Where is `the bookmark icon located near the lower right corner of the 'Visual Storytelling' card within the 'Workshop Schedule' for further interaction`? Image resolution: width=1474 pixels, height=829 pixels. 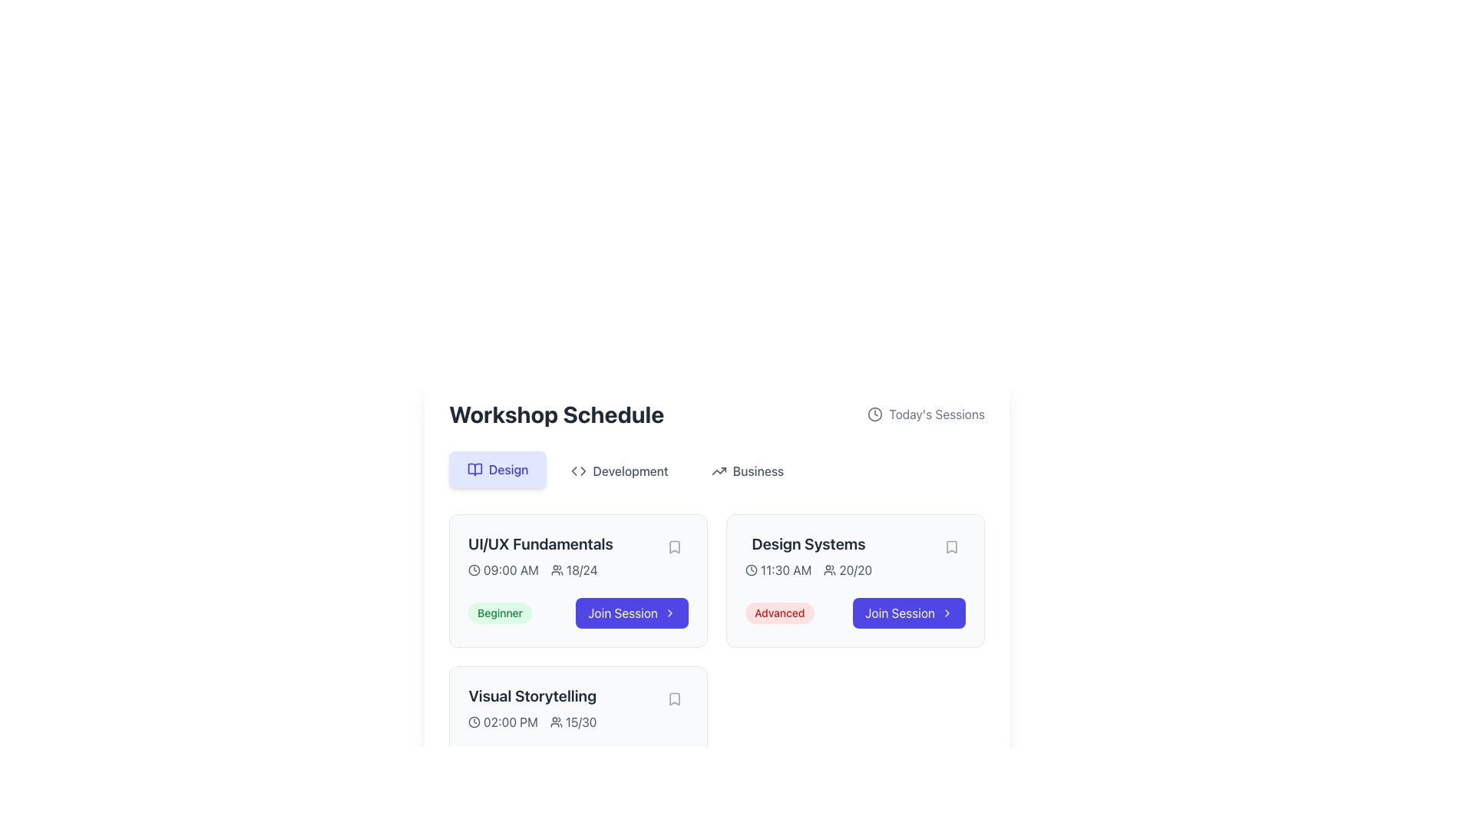 the bookmark icon located near the lower right corner of the 'Visual Storytelling' card within the 'Workshop Schedule' for further interaction is located at coordinates (674, 699).